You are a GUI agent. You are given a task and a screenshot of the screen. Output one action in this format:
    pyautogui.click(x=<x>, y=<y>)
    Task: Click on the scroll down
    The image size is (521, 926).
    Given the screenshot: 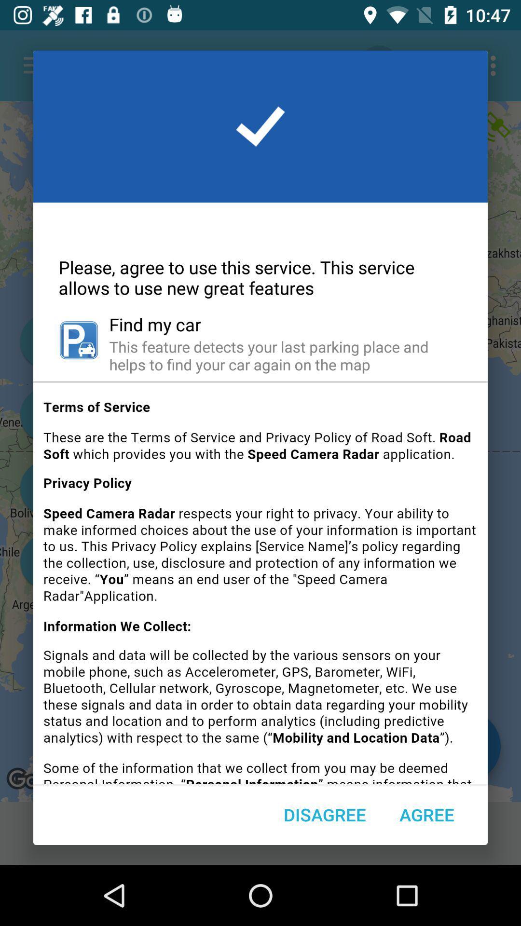 What is the action you would take?
    pyautogui.click(x=260, y=586)
    